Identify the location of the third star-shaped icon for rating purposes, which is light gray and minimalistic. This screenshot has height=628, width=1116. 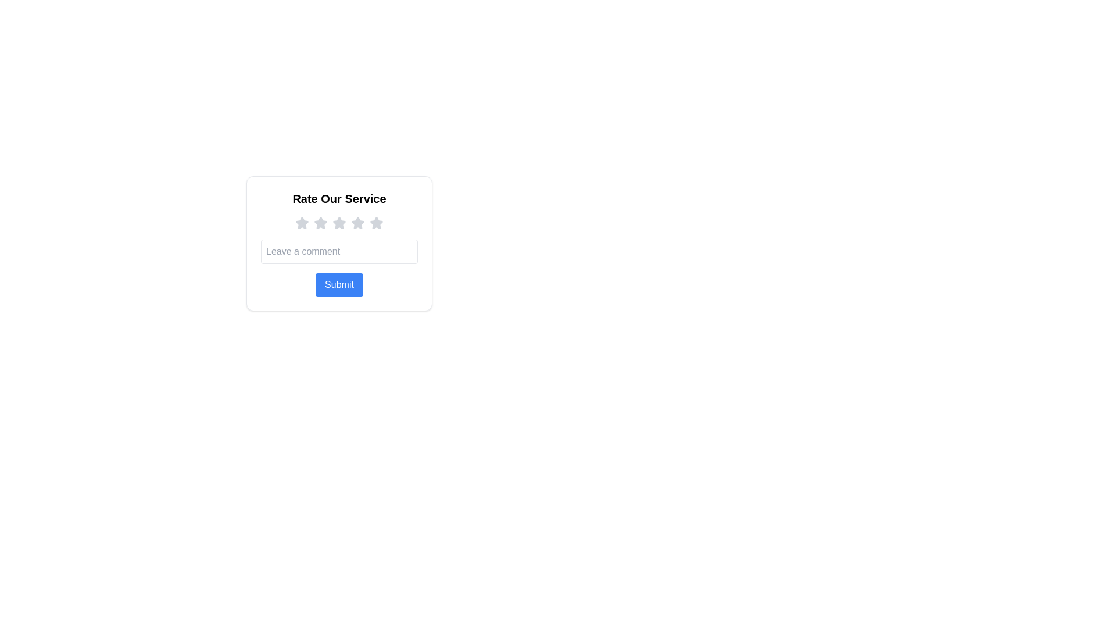
(357, 223).